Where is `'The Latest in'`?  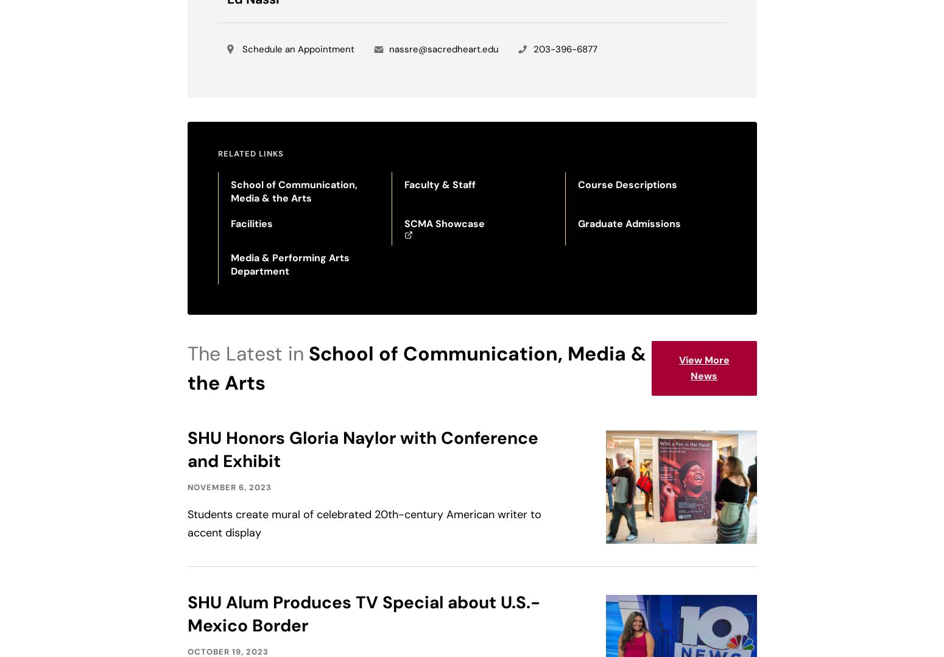
'The Latest in' is located at coordinates (245, 354).